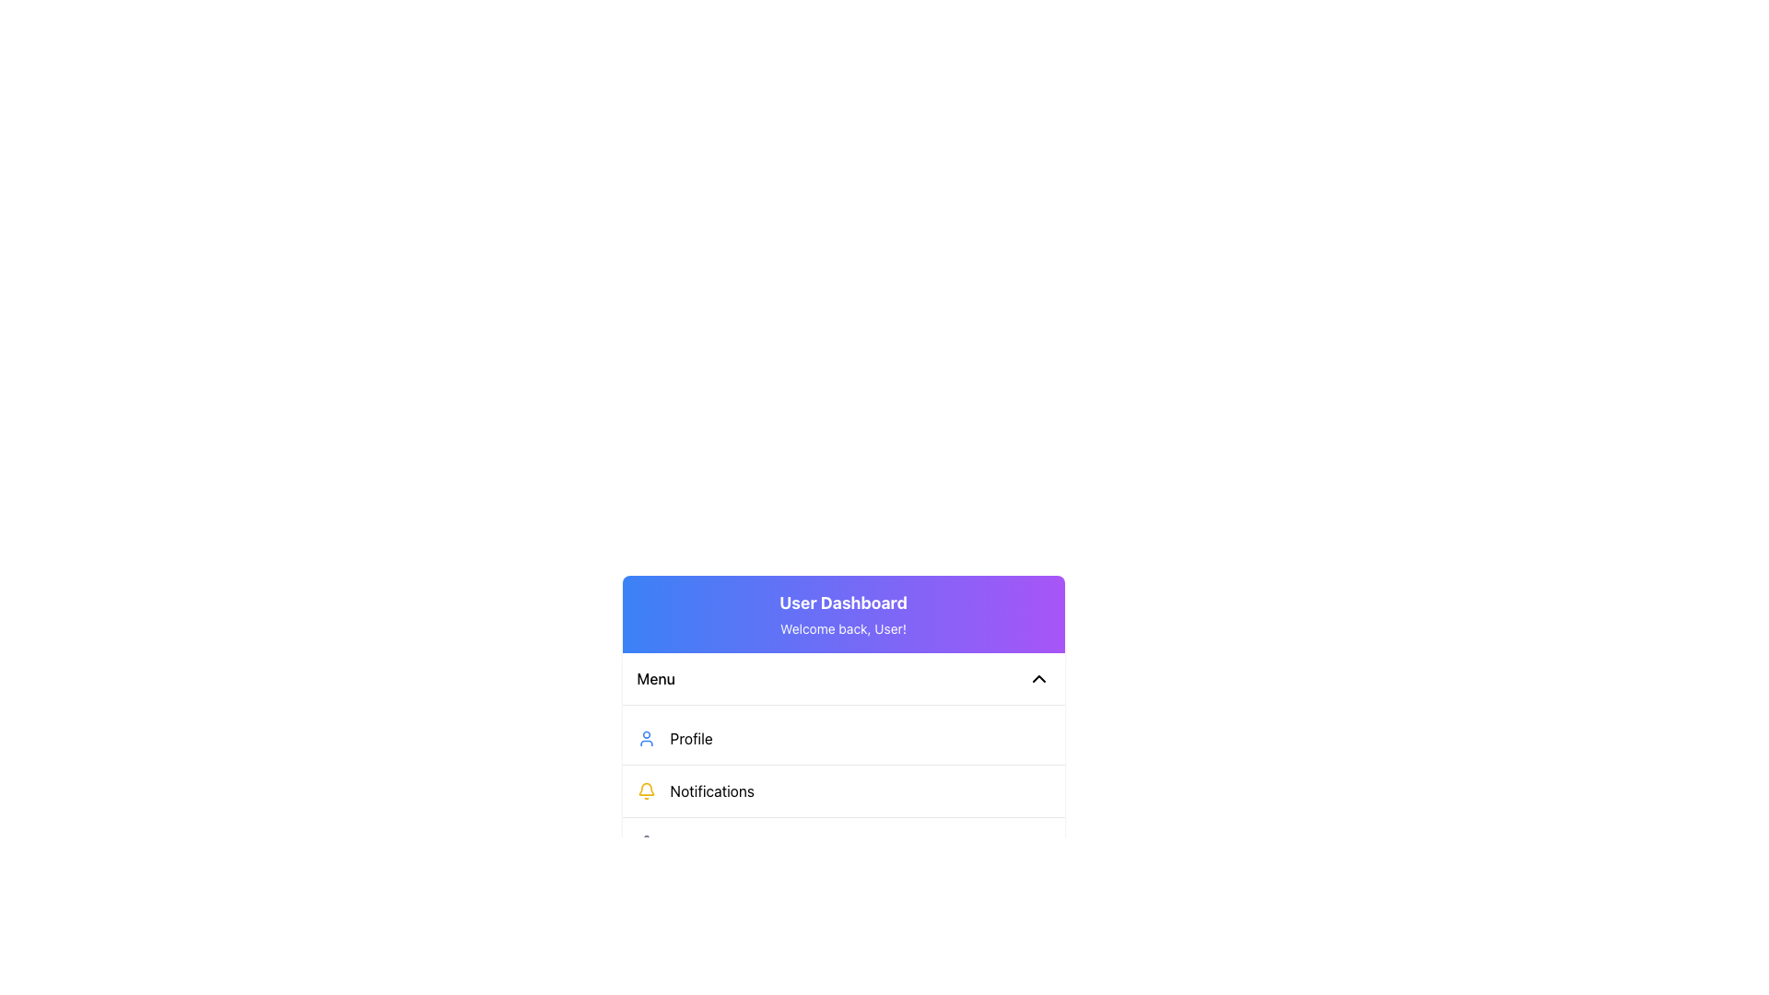 This screenshot has height=995, width=1769. I want to click on the third visible row in the menu list, so click(842, 843).